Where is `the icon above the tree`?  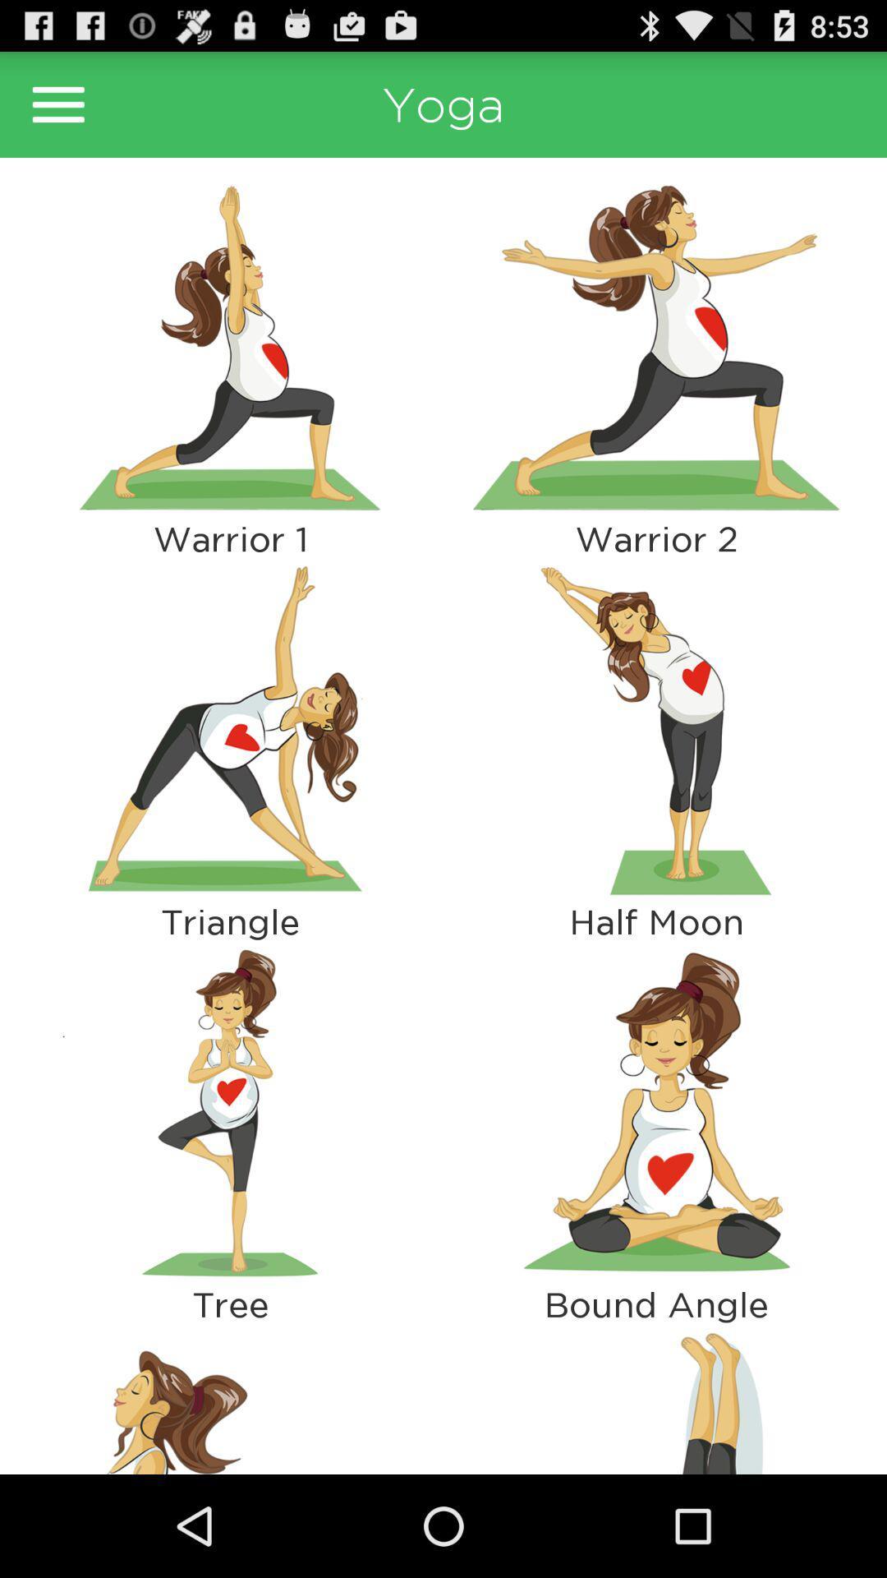 the icon above the tree is located at coordinates (230, 1113).